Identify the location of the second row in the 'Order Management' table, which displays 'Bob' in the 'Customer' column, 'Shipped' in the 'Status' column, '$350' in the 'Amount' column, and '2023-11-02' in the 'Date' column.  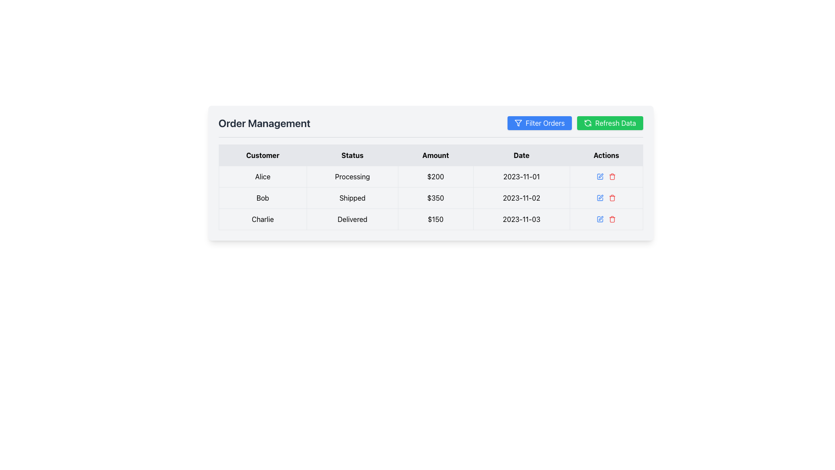
(431, 198).